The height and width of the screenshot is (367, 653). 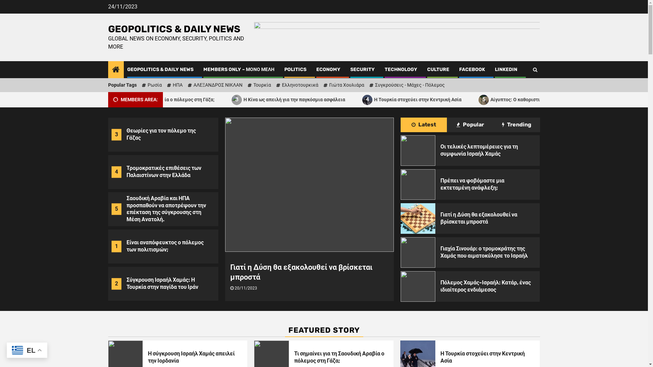 What do you see at coordinates (400, 69) in the screenshot?
I see `'TECHNOLOGY'` at bounding box center [400, 69].